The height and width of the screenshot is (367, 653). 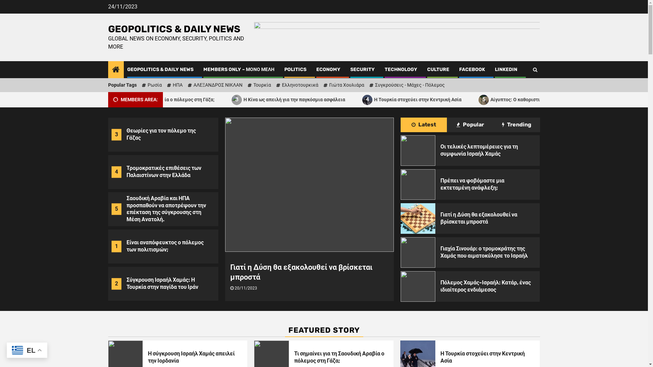 What do you see at coordinates (400, 69) in the screenshot?
I see `'TECHNOLOGY'` at bounding box center [400, 69].